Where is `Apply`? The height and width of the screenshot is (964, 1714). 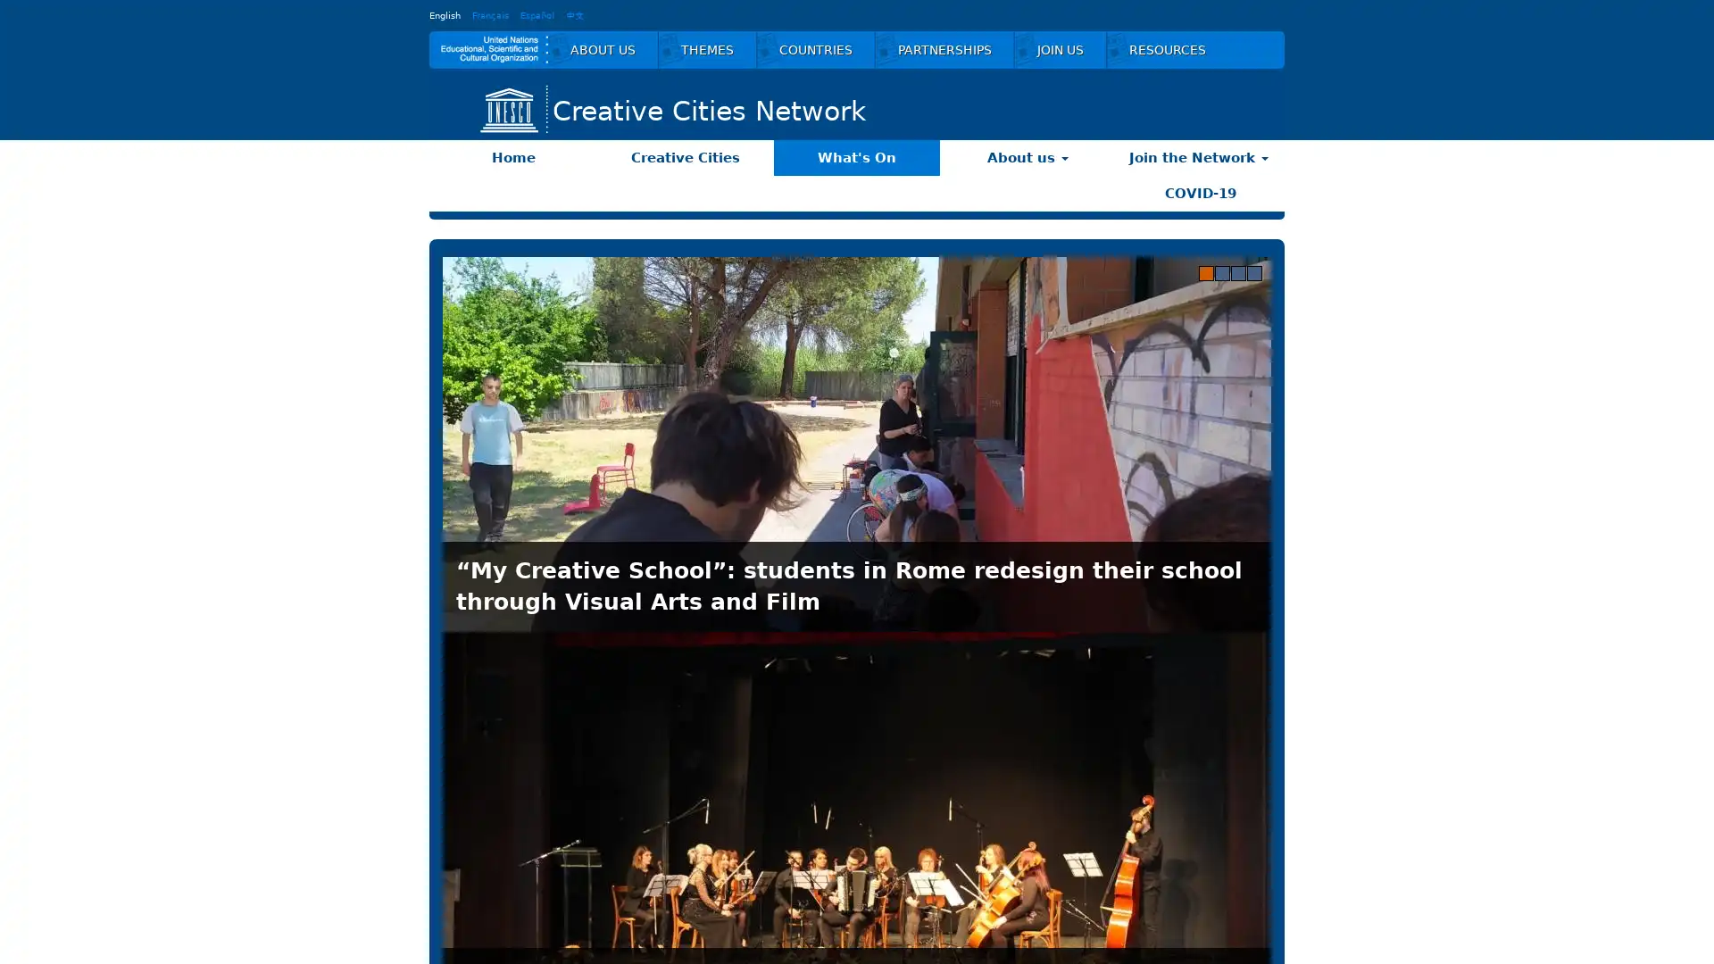
Apply is located at coordinates (1226, 880).